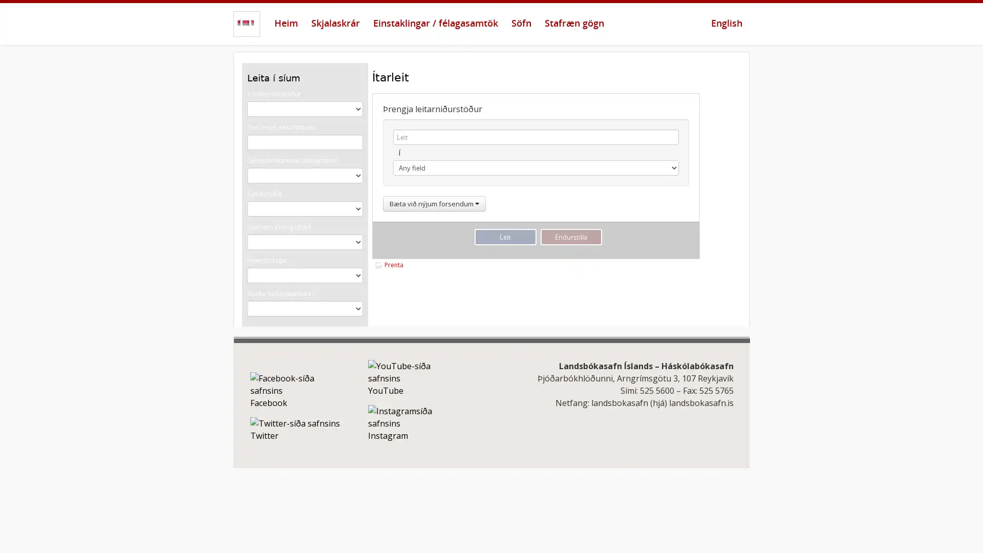 This screenshot has width=983, height=553. Describe the element at coordinates (570, 237) in the screenshot. I see `Endurstilla` at that location.